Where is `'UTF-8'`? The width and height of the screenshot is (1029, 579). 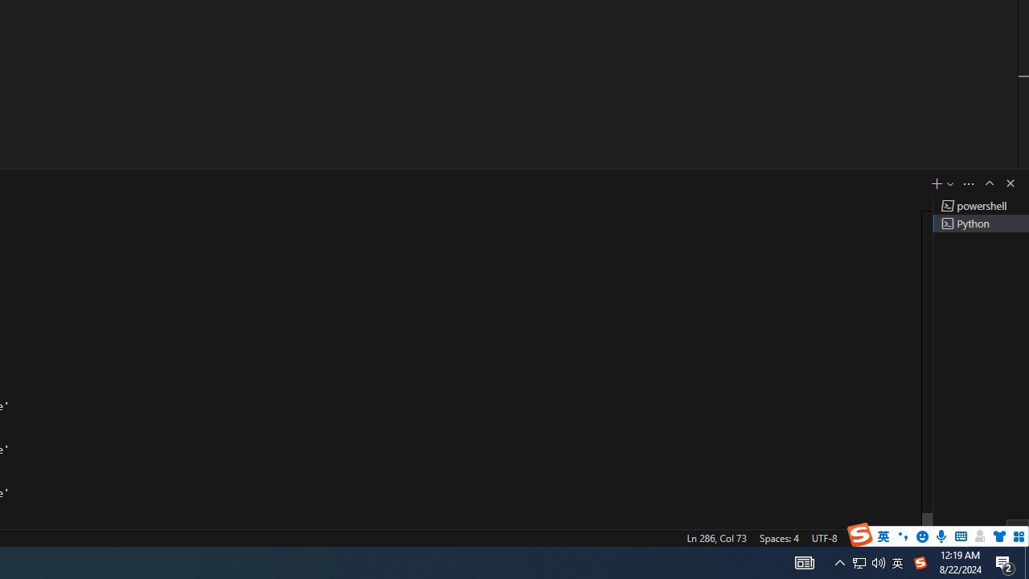
'UTF-8' is located at coordinates (824, 537).